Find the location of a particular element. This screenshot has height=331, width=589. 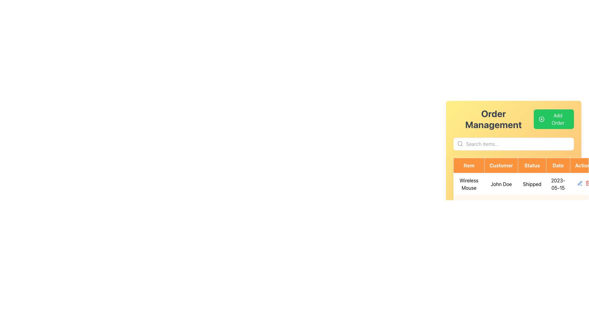

the table header cell labeled 'Date', which is the fourth column in the table header row, helping users identify date-related data is located at coordinates (558, 165).